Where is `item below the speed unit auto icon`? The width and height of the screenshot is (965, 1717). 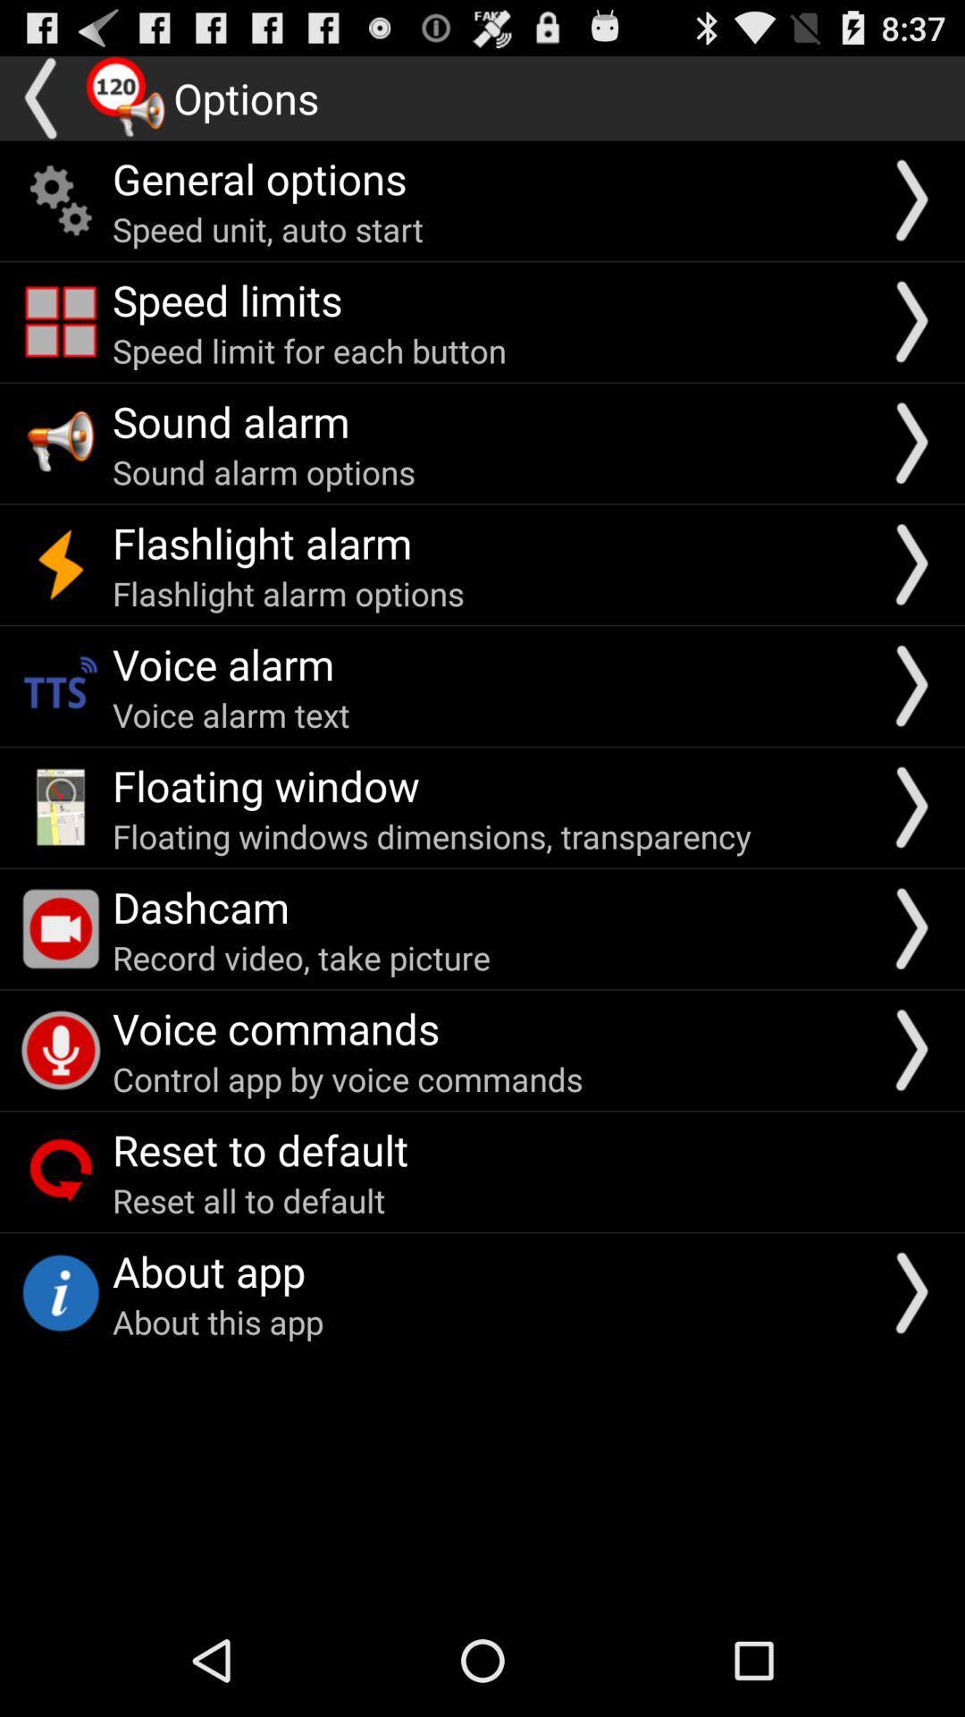 item below the speed unit auto icon is located at coordinates (226, 300).